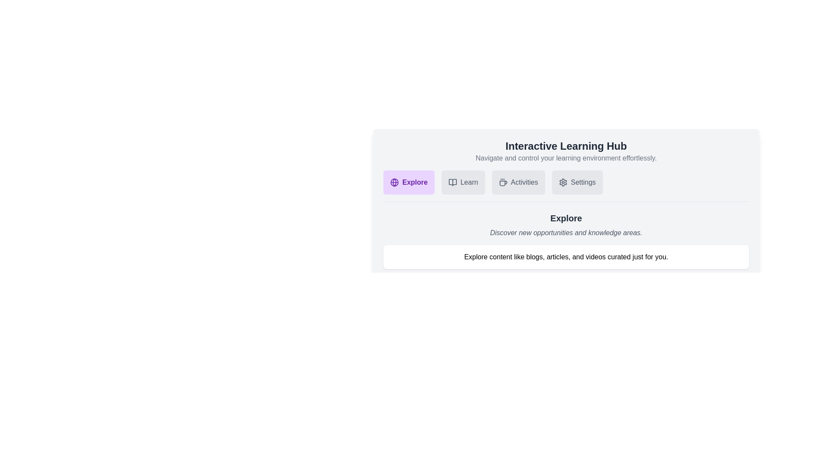 Image resolution: width=828 pixels, height=466 pixels. I want to click on the settings menu icon located in the navigation header, positioned to the far right next to 'Activities' and 'Learn', so click(563, 182).